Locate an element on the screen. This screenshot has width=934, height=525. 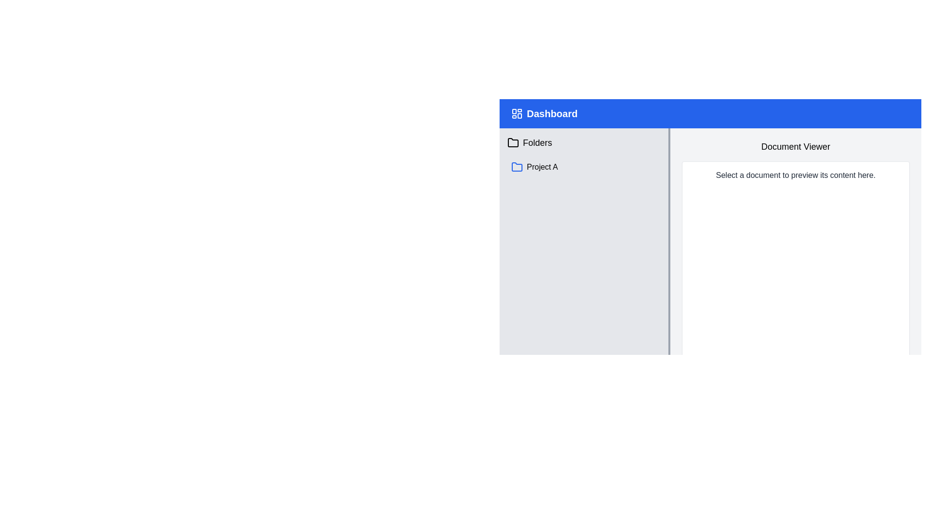
the folder icon located below the 'Folders' section in the left sidebar navigation is located at coordinates (516, 166).